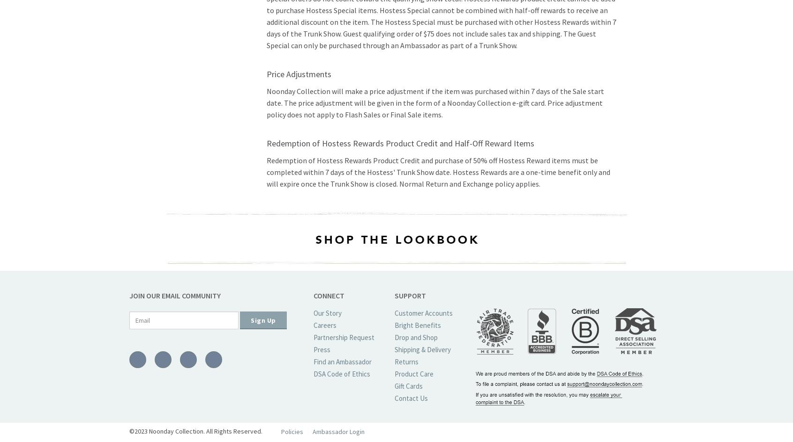 The height and width of the screenshot is (442, 793). What do you see at coordinates (413, 373) in the screenshot?
I see `'Product Care'` at bounding box center [413, 373].